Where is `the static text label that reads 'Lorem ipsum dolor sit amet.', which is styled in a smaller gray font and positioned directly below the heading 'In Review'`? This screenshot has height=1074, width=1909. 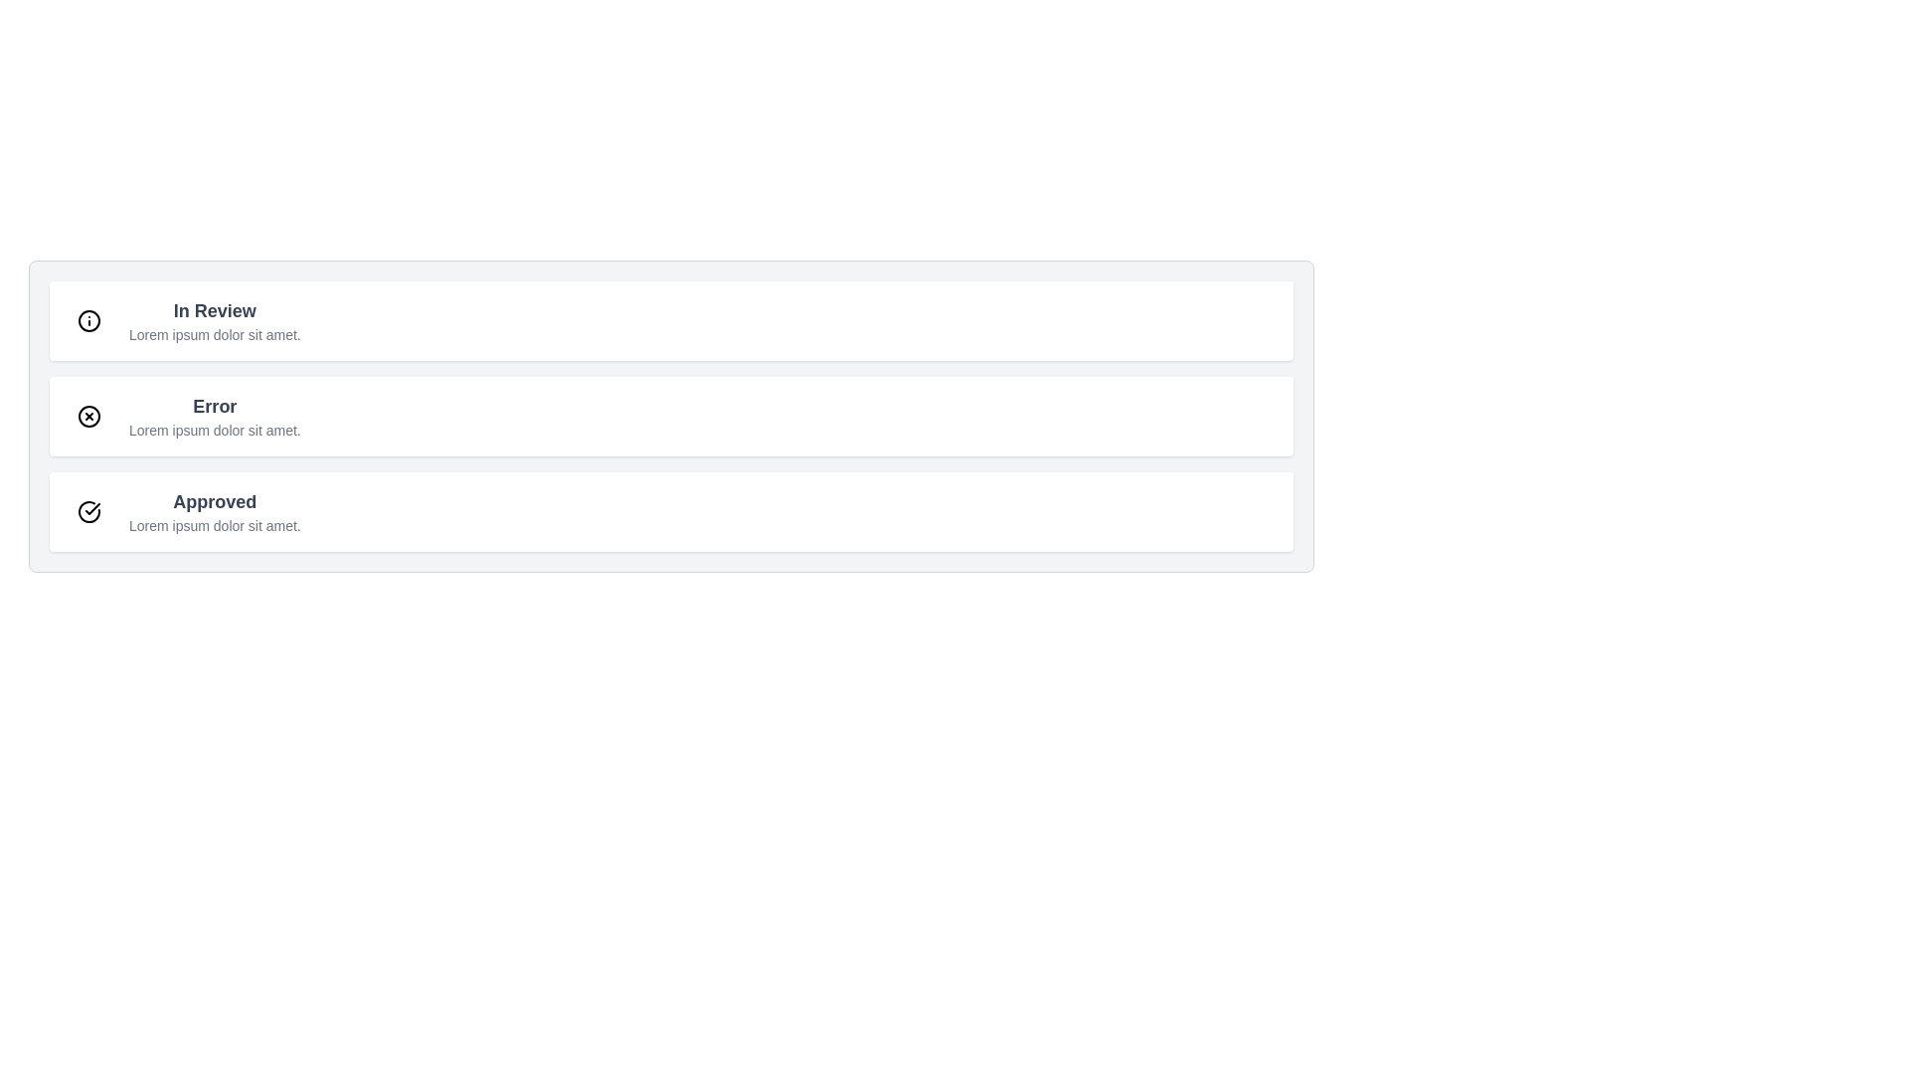 the static text label that reads 'Lorem ipsum dolor sit amet.', which is styled in a smaller gray font and positioned directly below the heading 'In Review' is located at coordinates (215, 333).